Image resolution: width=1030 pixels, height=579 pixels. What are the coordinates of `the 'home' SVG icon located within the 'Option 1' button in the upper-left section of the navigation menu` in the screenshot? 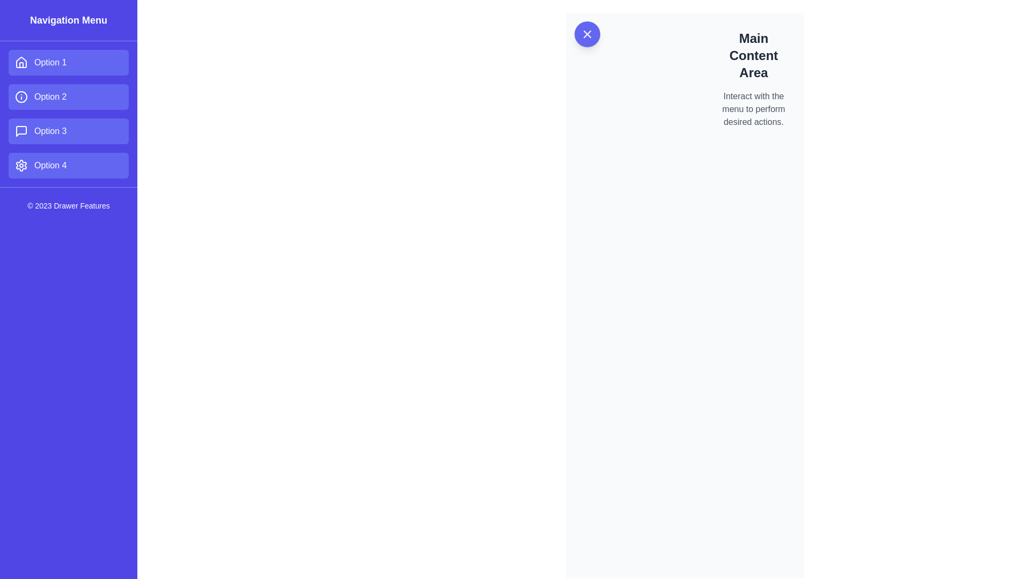 It's located at (21, 62).